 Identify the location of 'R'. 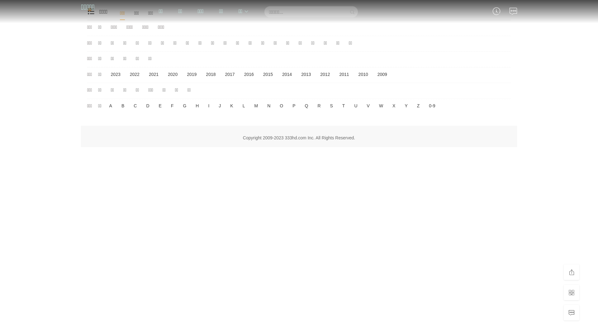
(319, 105).